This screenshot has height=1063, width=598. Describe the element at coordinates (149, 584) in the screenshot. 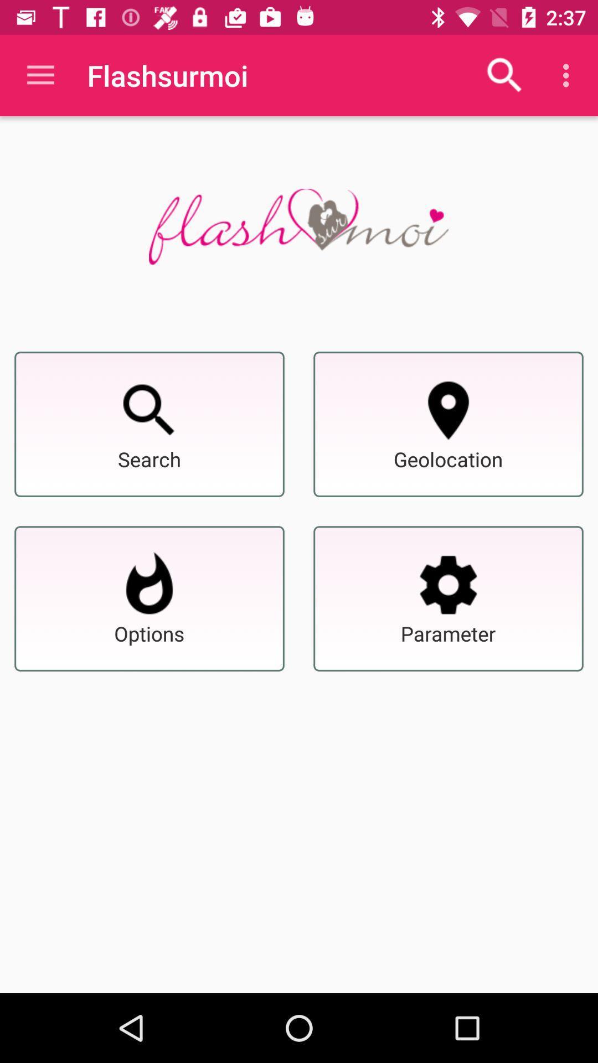

I see `options icon` at that location.